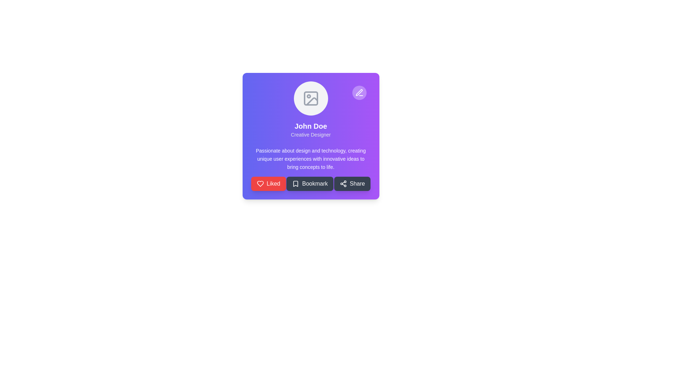  I want to click on the rounded rectangular button with a red background and a white heart icon labeled 'Liked', so click(268, 183).